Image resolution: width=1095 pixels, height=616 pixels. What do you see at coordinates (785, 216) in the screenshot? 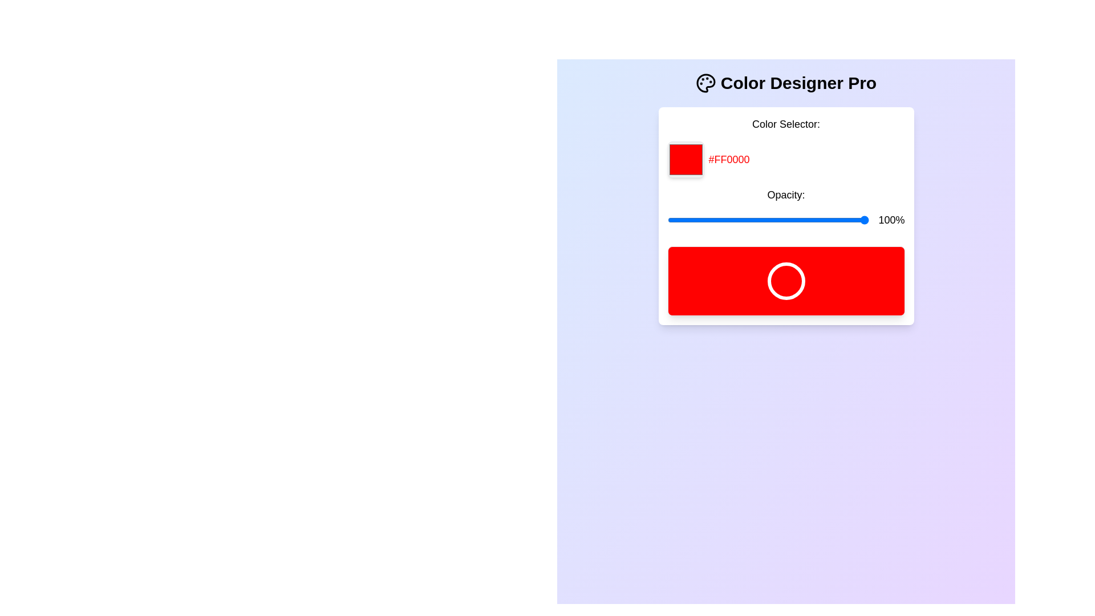
I see `the Panel element with a white background and rounded corners, labeled 'Color Selector:' and 'Opacity:', located near the center of the application interface in 'Color Designer Pro'` at bounding box center [785, 216].